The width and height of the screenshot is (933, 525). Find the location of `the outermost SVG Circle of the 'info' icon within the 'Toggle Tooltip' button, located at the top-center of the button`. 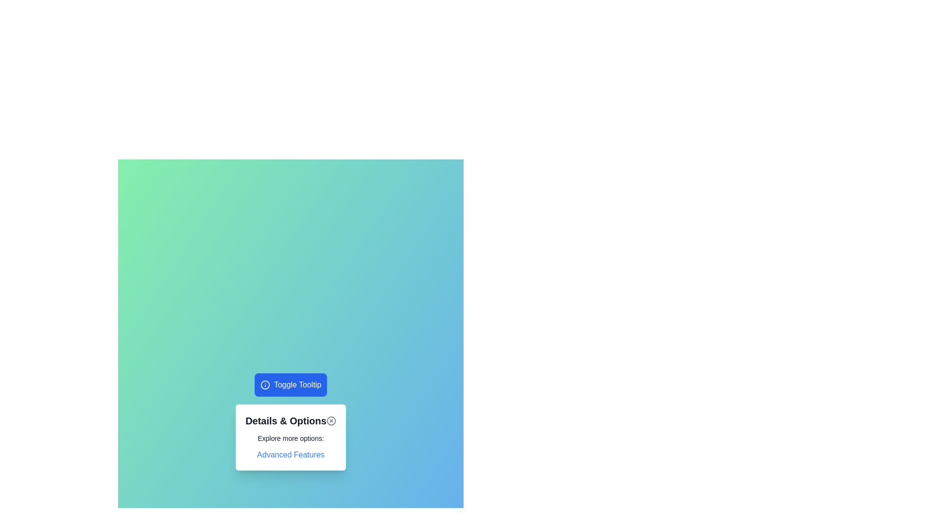

the outermost SVG Circle of the 'info' icon within the 'Toggle Tooltip' button, located at the top-center of the button is located at coordinates (265, 384).